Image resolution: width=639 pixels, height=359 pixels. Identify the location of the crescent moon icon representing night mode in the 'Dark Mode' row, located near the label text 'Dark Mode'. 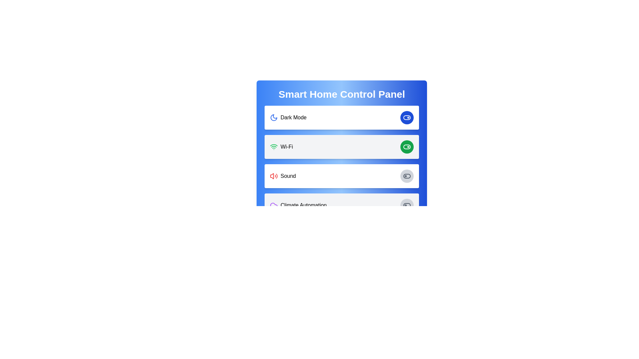
(274, 117).